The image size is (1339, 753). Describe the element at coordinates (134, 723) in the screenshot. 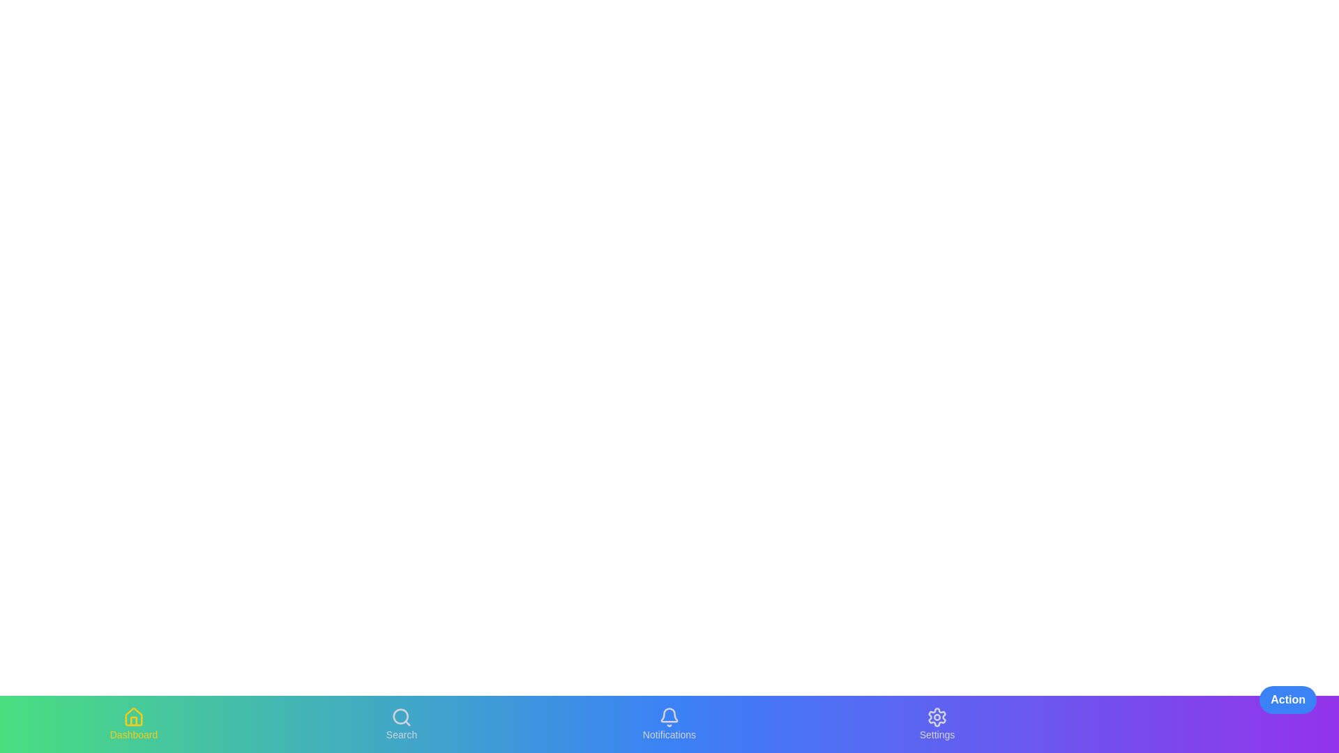

I see `the navigation item labeled Dashboard from the bottom bar` at that location.